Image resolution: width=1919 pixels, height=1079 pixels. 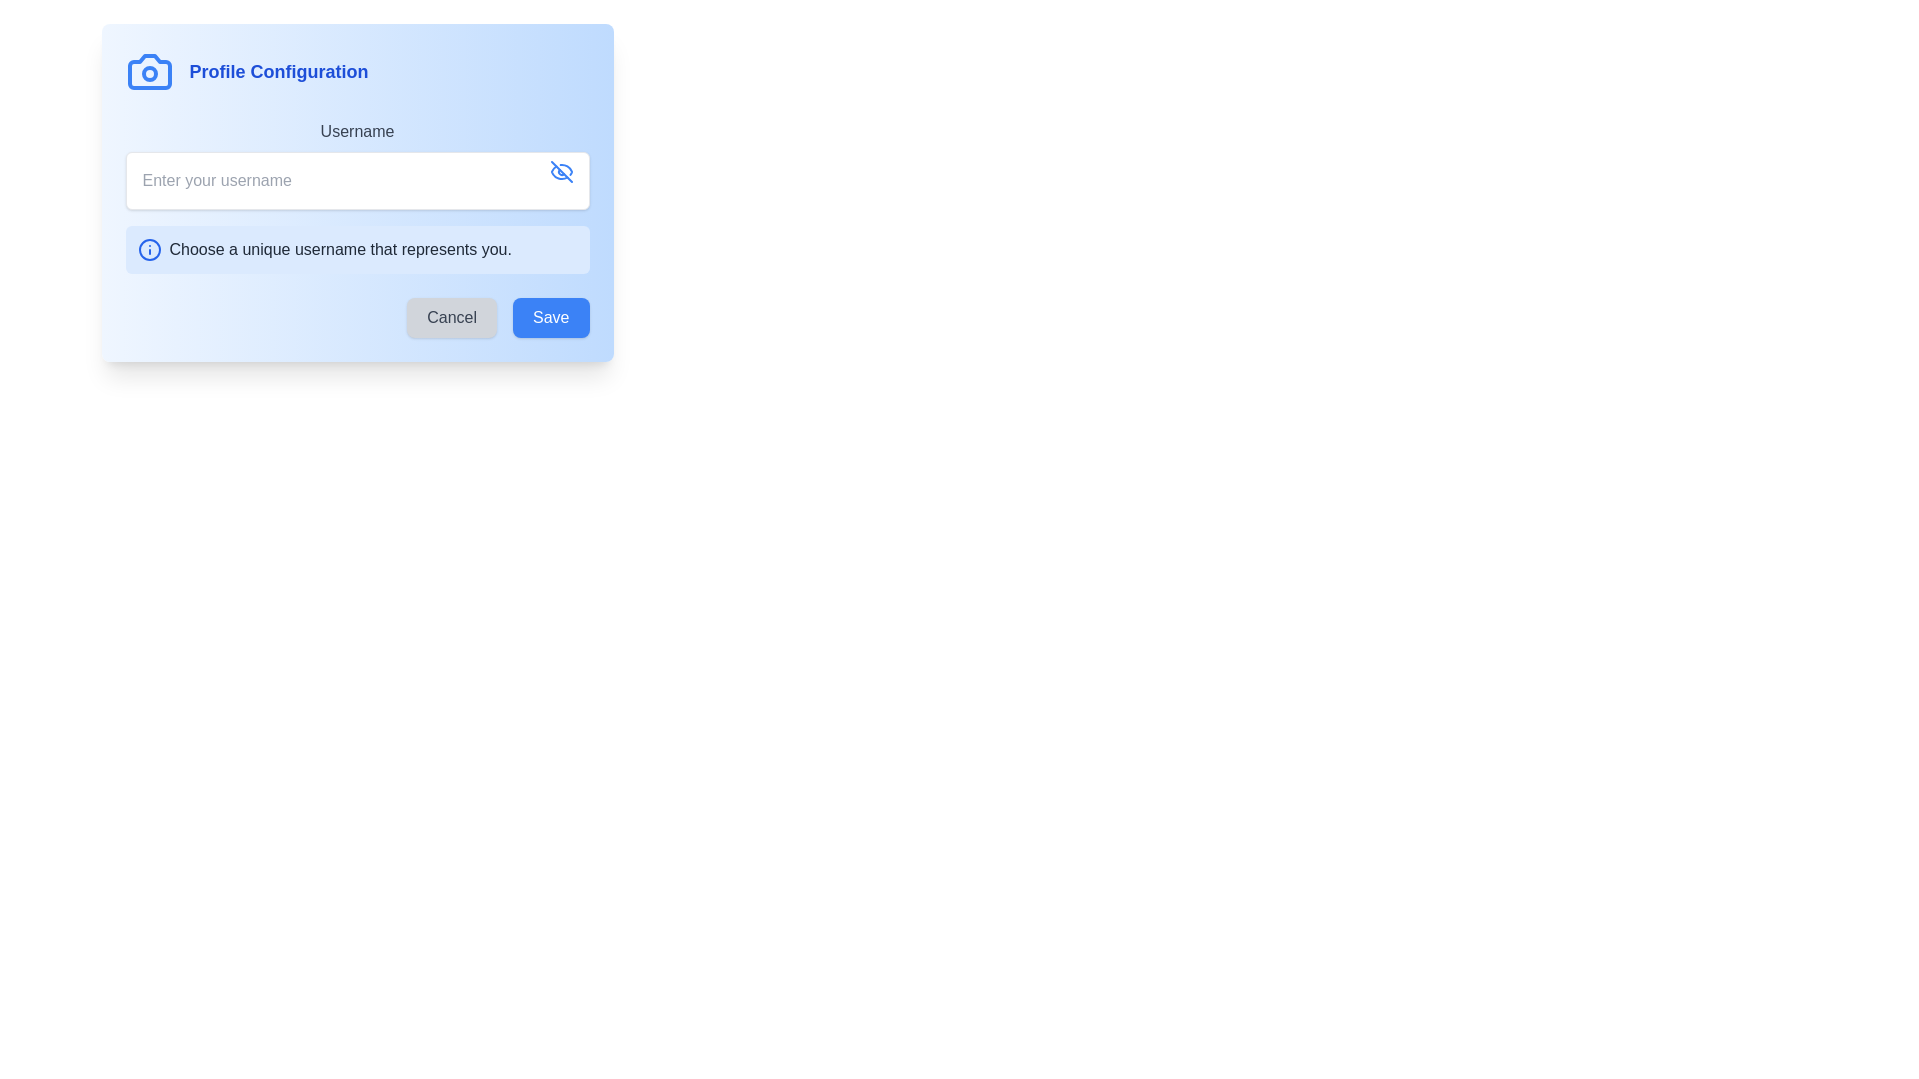 I want to click on the 'Save' button located at the bottom-right corner of the modal dialog box, so click(x=551, y=316).